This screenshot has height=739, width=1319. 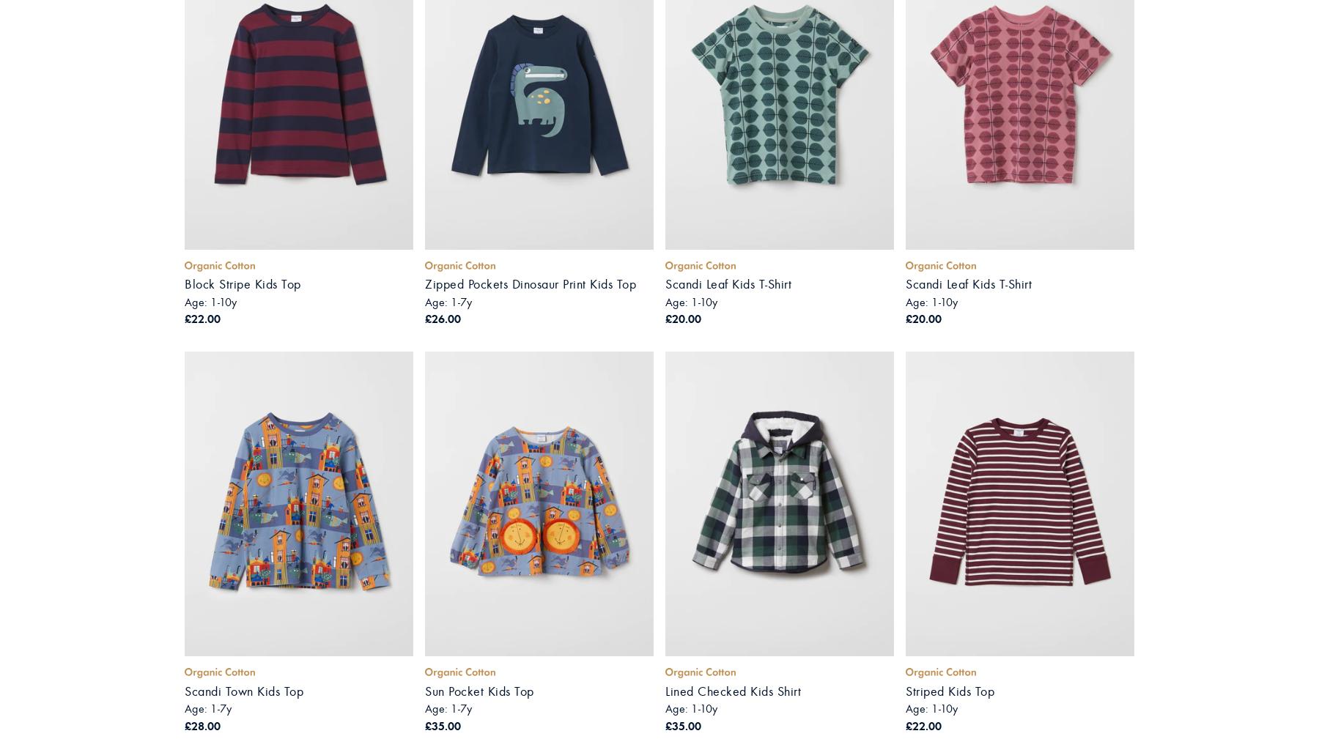 I want to click on 'Striped Kids Top', so click(x=950, y=691).